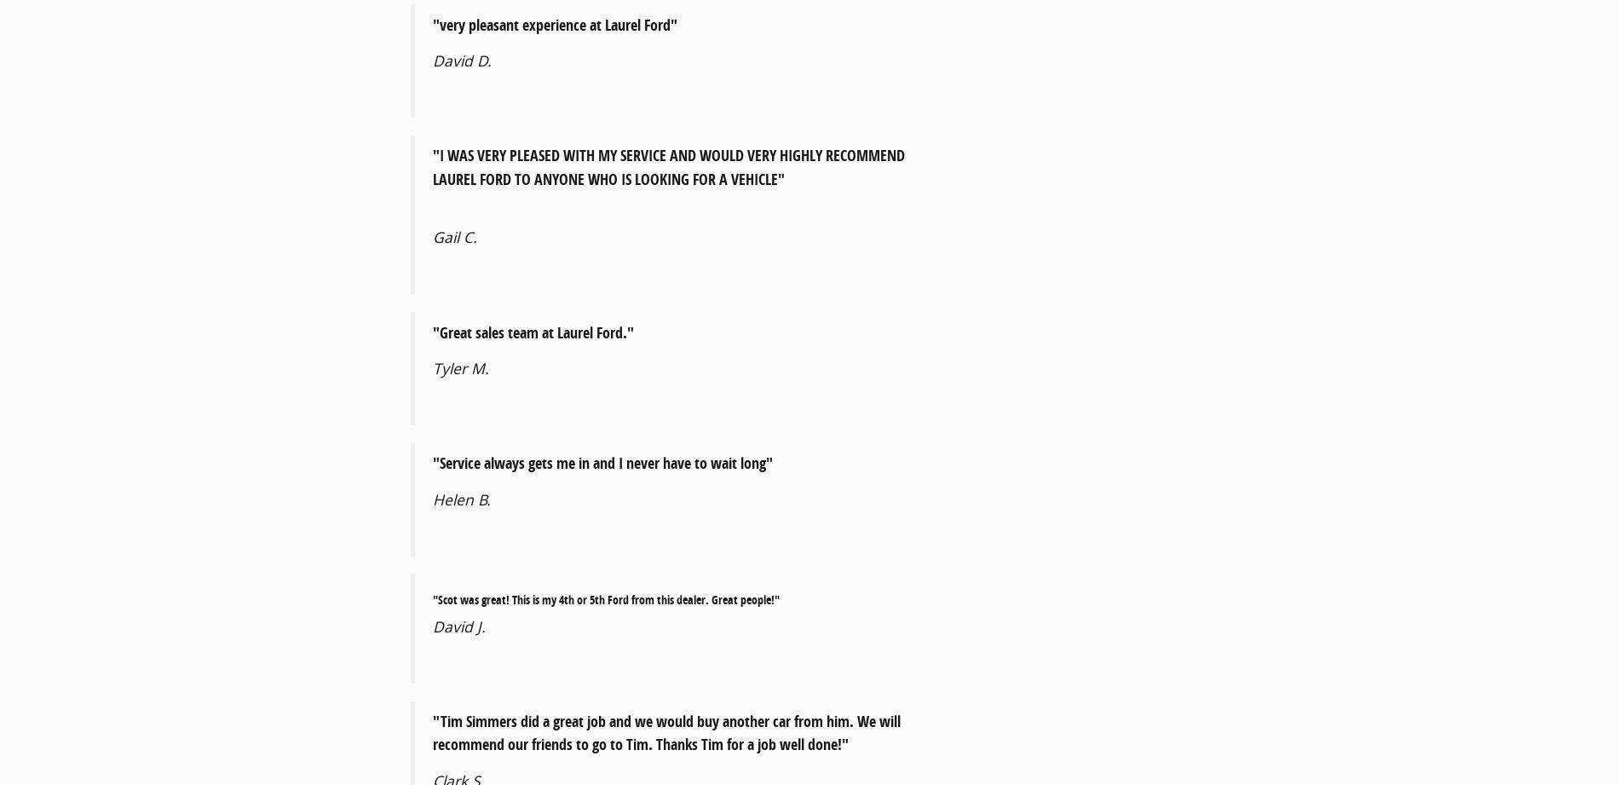  I want to click on '"Scot was great! This is my 4th or 5th Ford from this dealer. 
Great people!"', so click(606, 598).